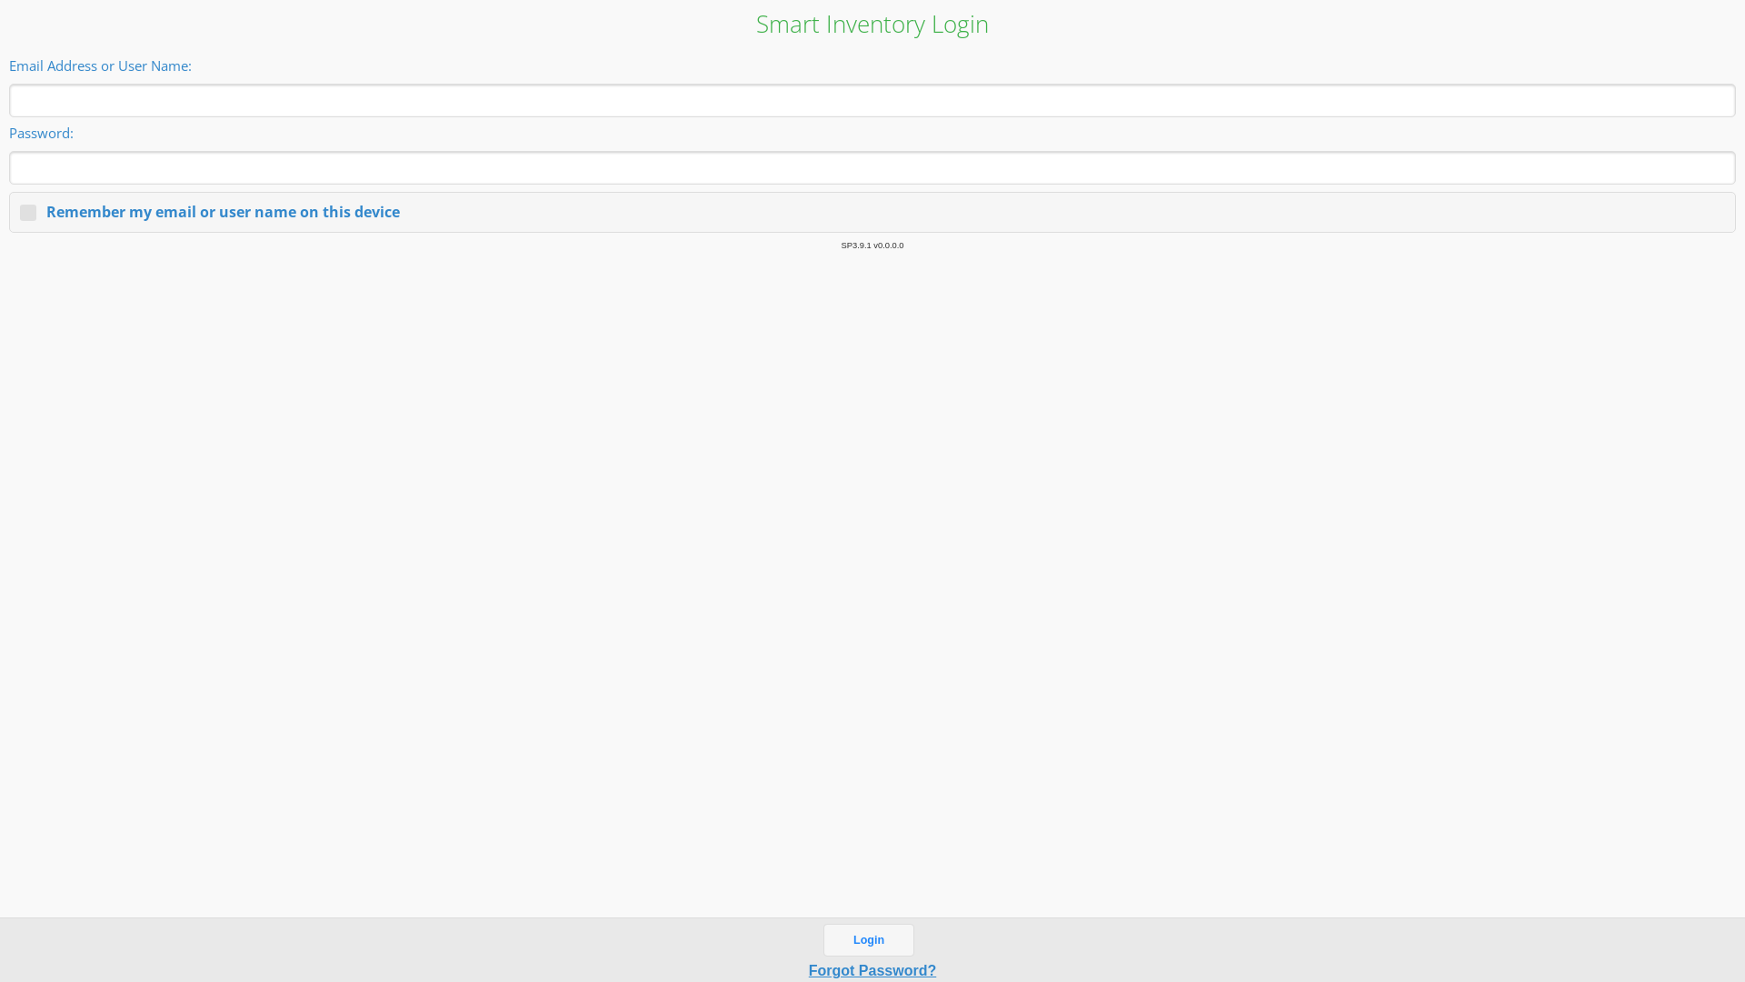  What do you see at coordinates (867, 939) in the screenshot?
I see `'Login'` at bounding box center [867, 939].